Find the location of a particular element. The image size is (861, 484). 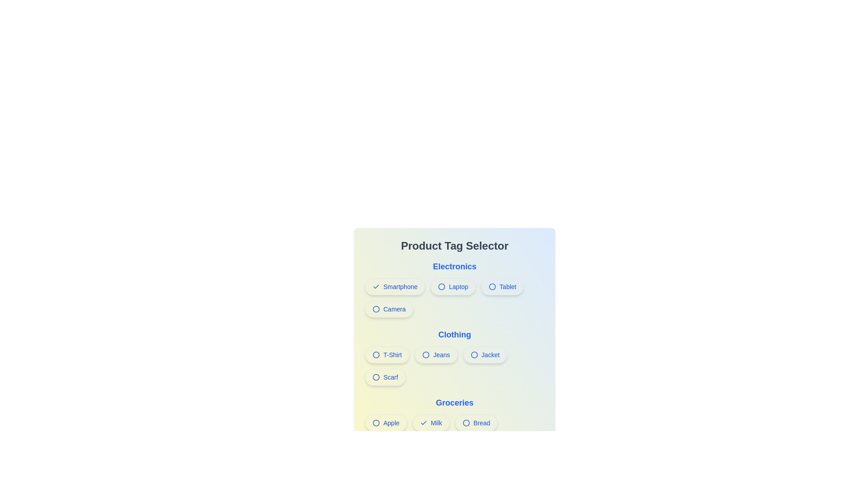

the checkbox for the 'Jeans' tag located at the left side of the tag is located at coordinates (426, 354).